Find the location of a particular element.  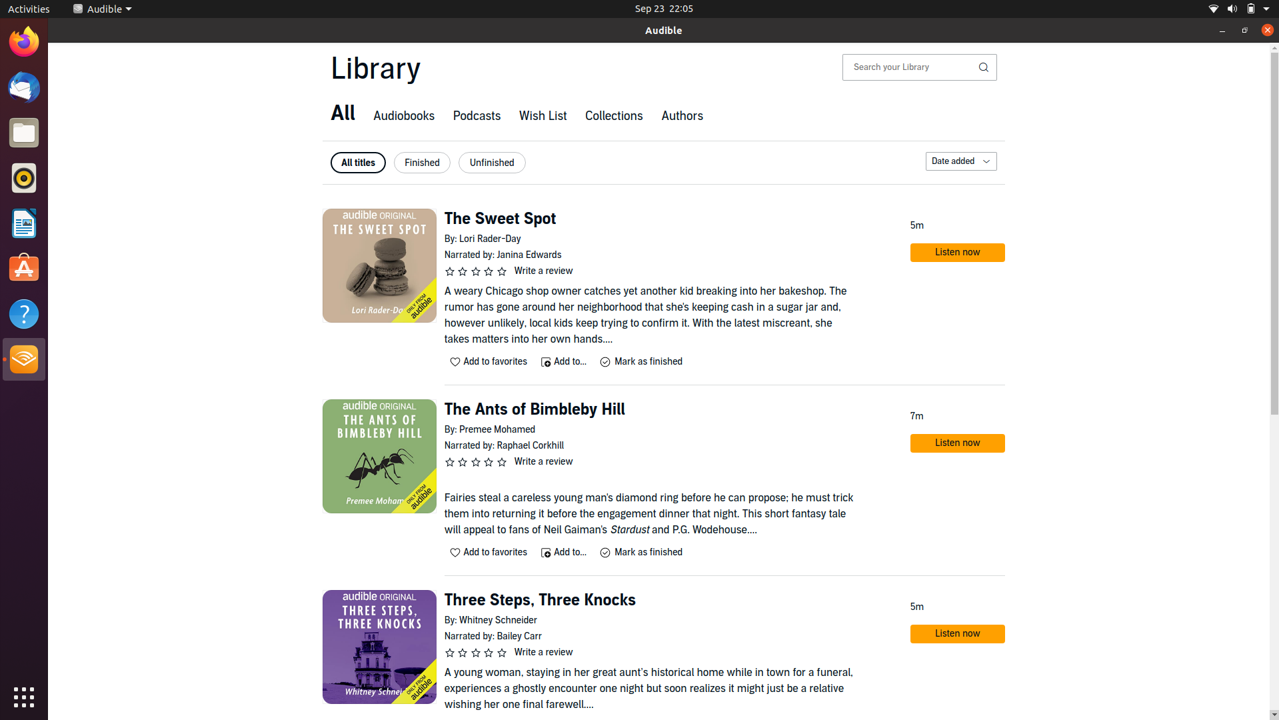

Locate "The 7 Habits of Highly Effective People" by using the search feature is located at coordinates (909, 67).